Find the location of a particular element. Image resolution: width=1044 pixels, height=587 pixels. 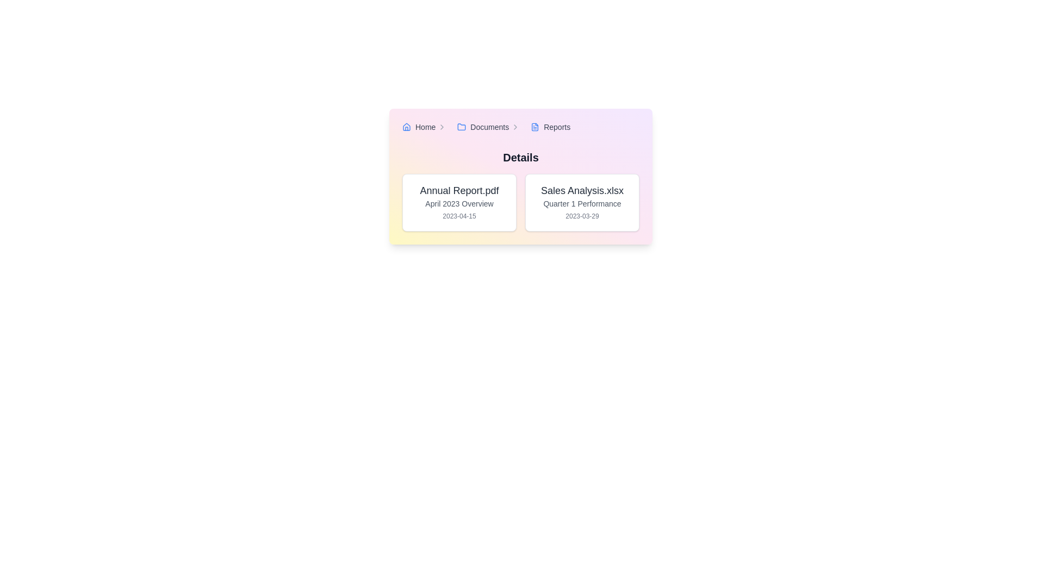

the Breadcrumb navigation link that consists of a blue folder icon followed by the text 'Documents' is located at coordinates (489, 127).